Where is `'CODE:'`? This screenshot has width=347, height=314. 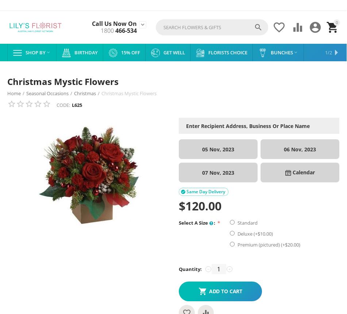 'CODE:' is located at coordinates (63, 105).